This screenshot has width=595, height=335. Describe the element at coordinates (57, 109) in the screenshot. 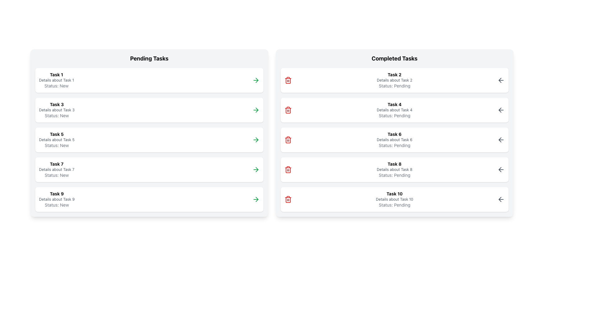

I see `the text label providing supplementary information about 'Task 3', positioned below the title and above the status label in the 'Pending Tasks' section` at that location.